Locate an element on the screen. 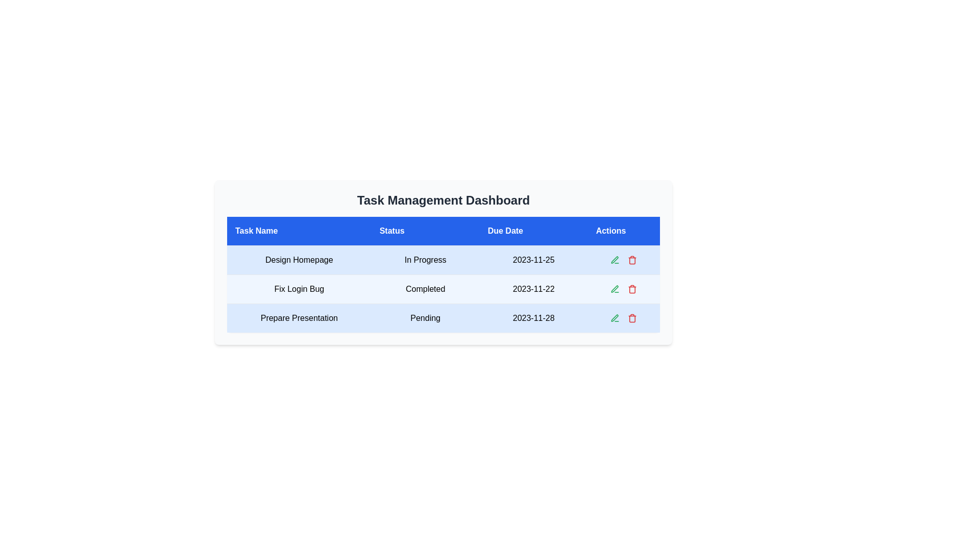 The height and width of the screenshot is (551, 980). the text displaying the date '2023-11-22' in the 'Due Date' column of the table for the task 'Fix Login Bug' is located at coordinates (533, 289).